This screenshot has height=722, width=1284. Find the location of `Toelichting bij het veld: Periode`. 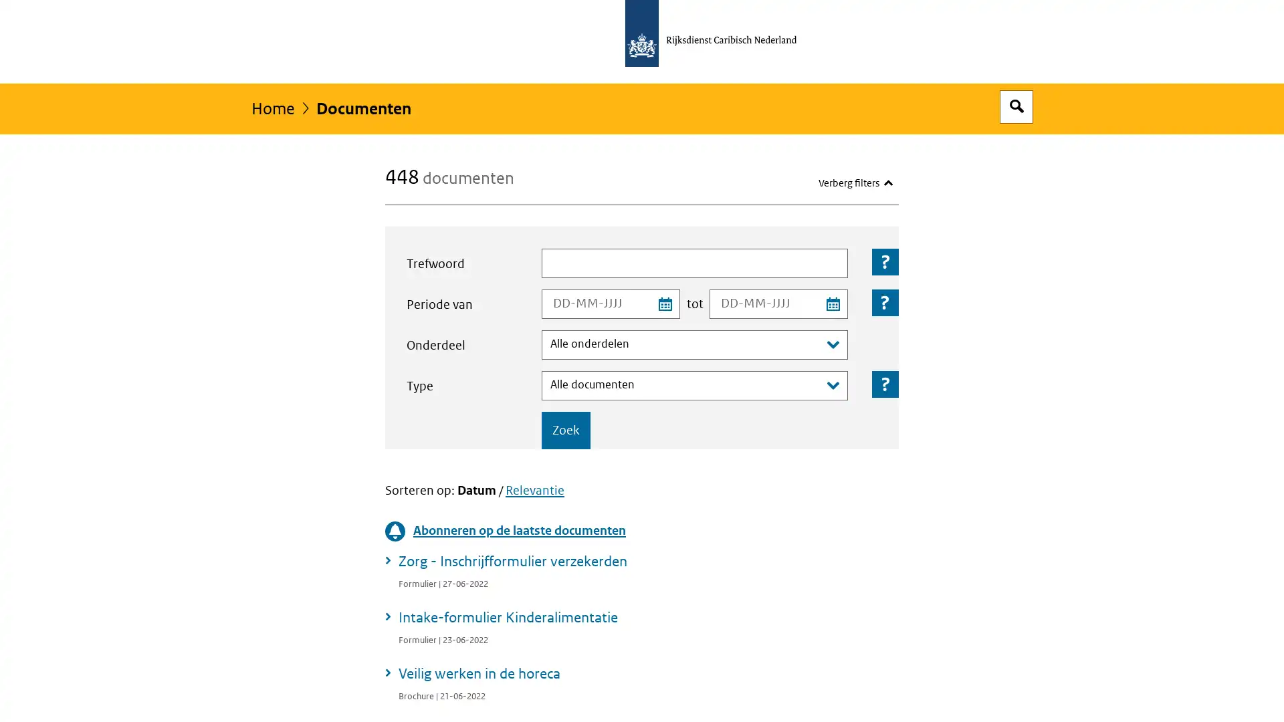

Toelichting bij het veld: Periode is located at coordinates (885, 302).